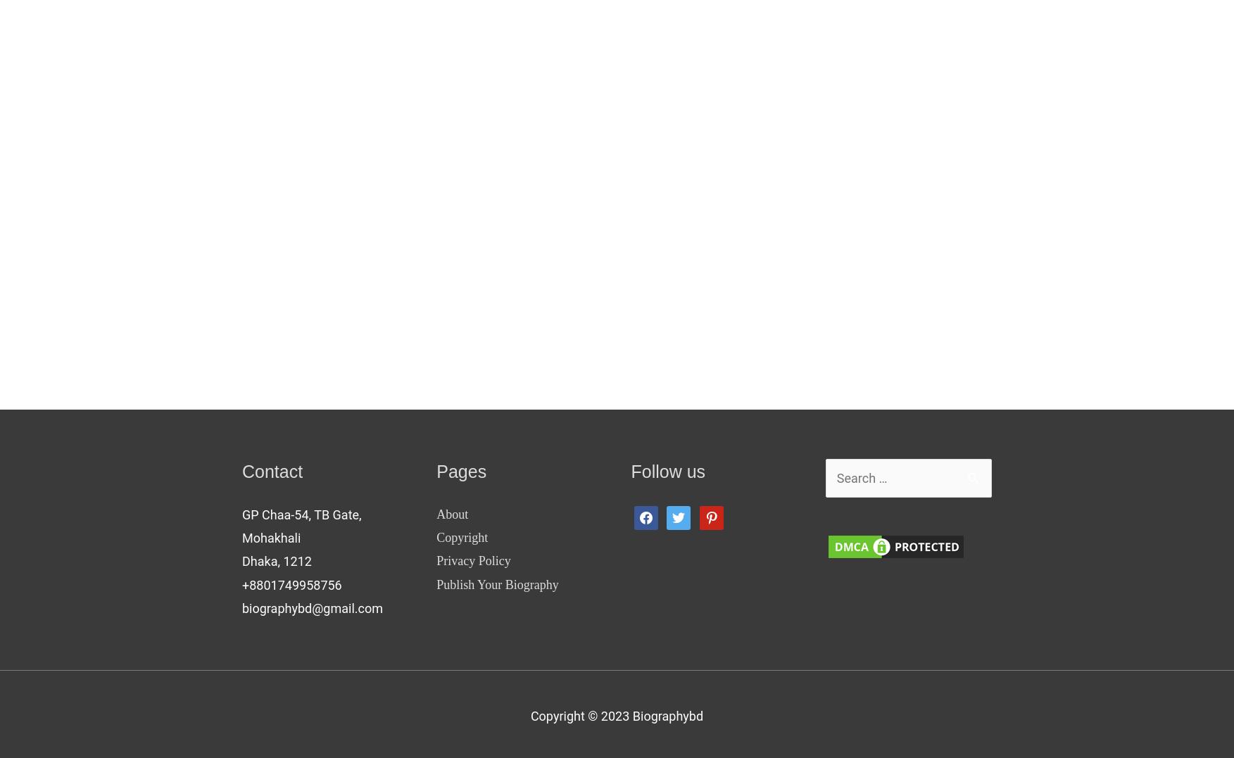 This screenshot has width=1234, height=758. I want to click on 'Copyright © 2023', so click(581, 714).